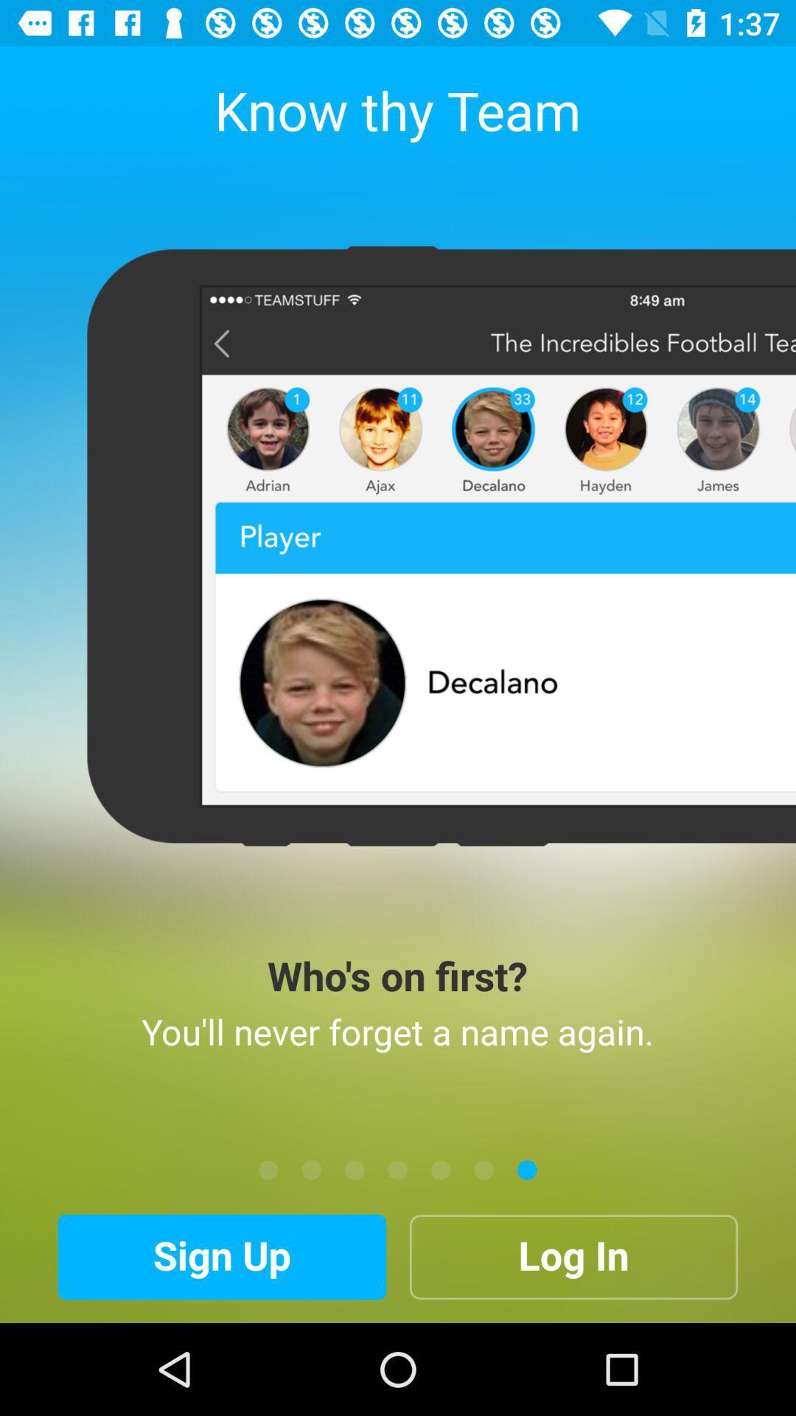 This screenshot has height=1416, width=796. I want to click on log in, so click(573, 1256).